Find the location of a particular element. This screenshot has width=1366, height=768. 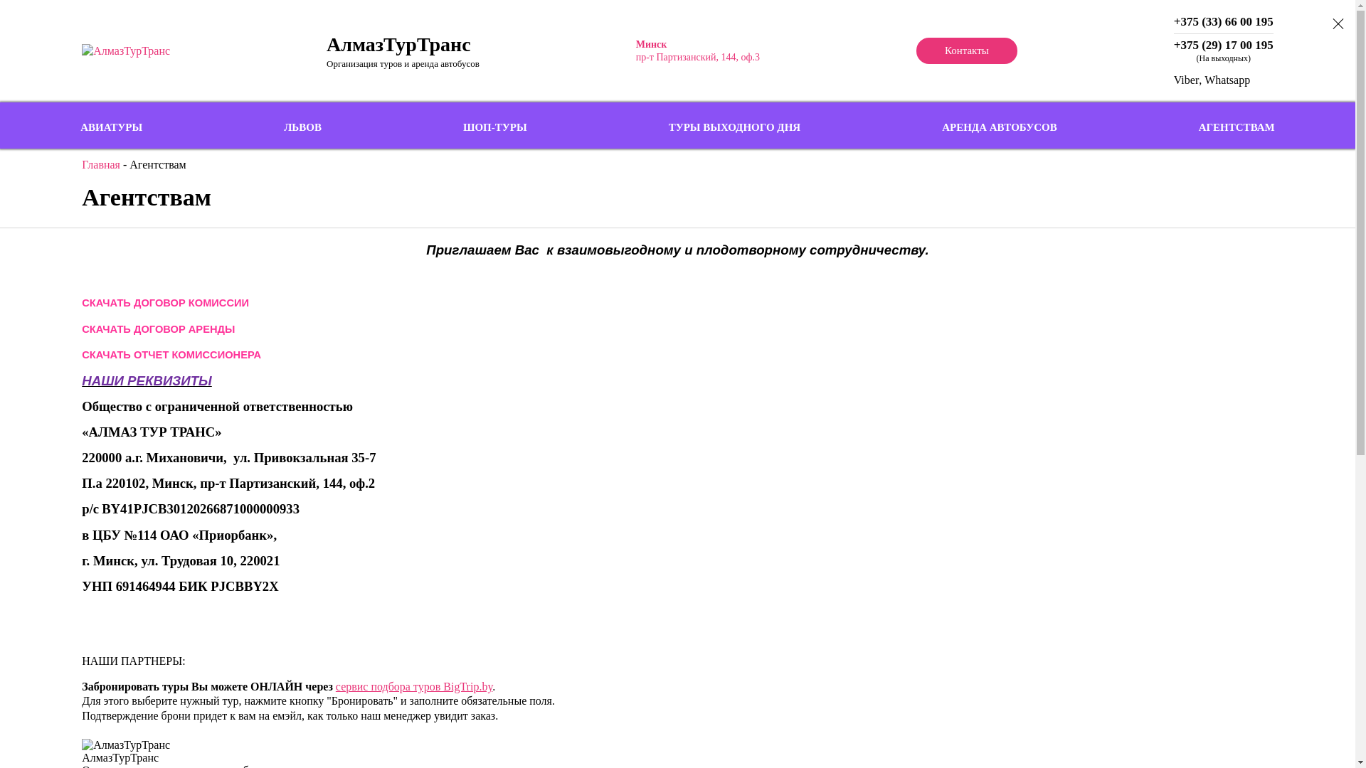

'+375 (29) 17 00 195' is located at coordinates (1222, 45).